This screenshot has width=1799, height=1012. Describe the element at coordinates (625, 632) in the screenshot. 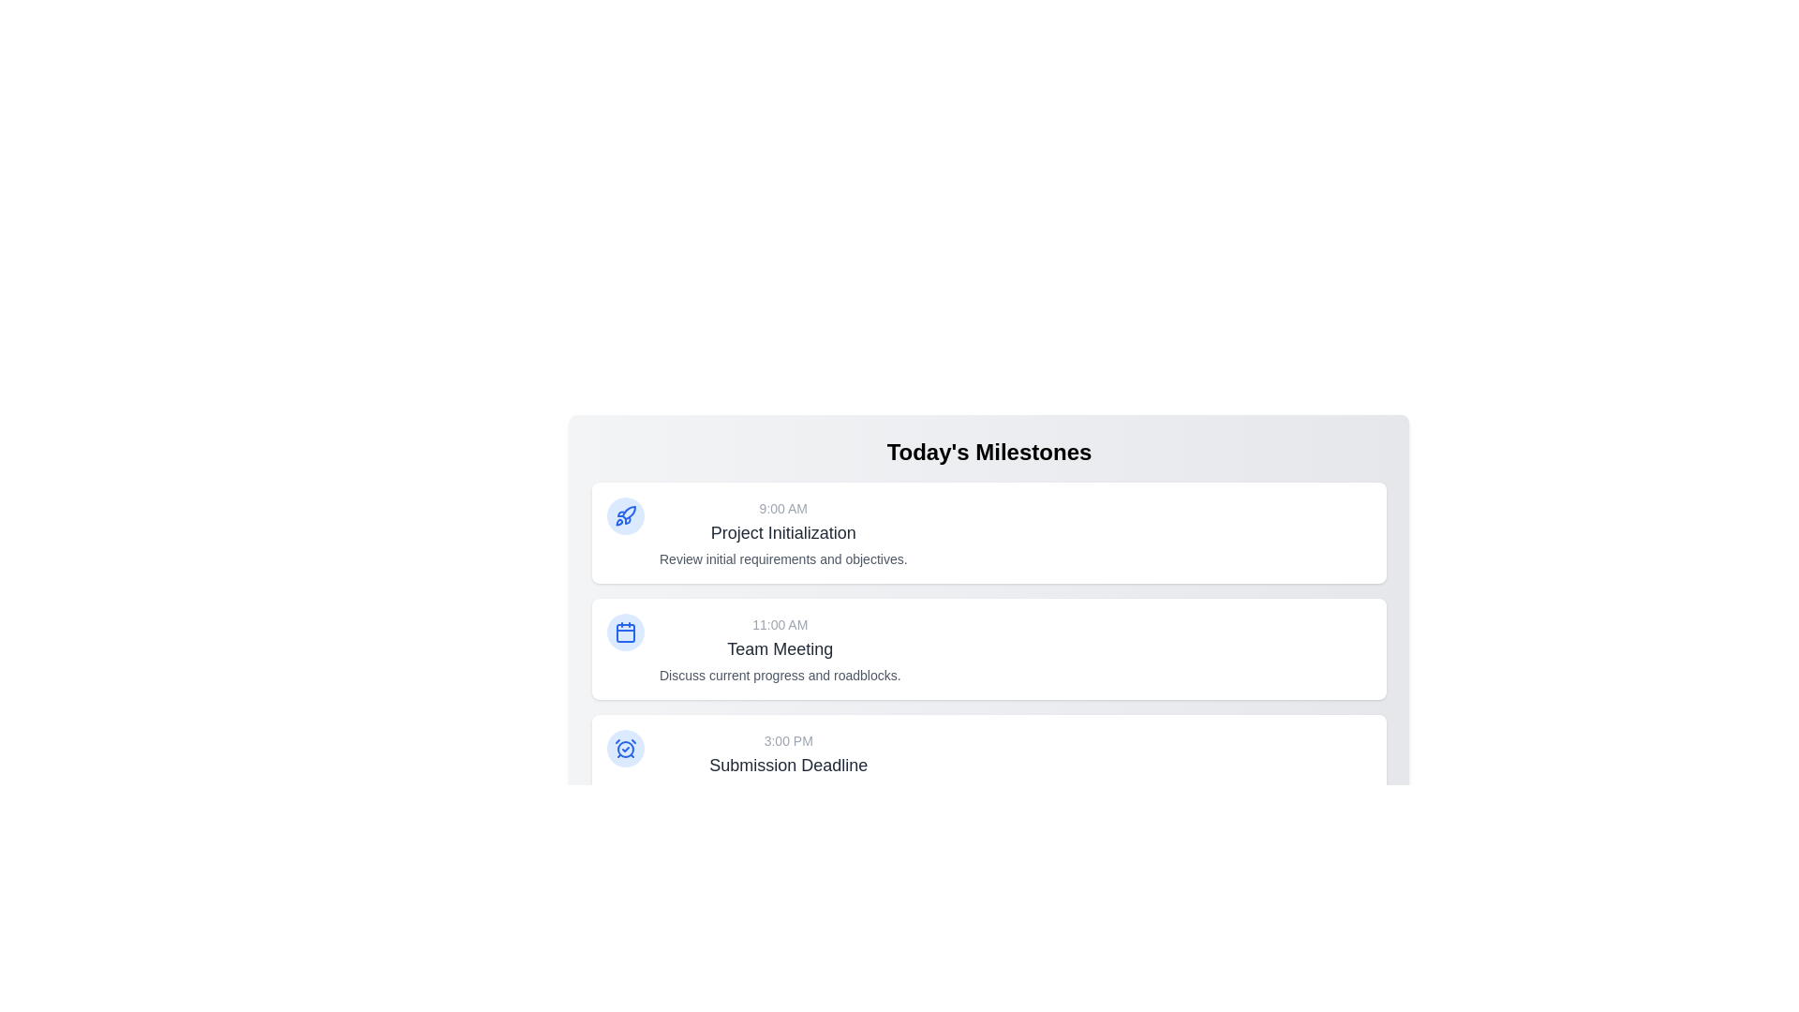

I see `the circular icon with a soft blue background and a calendar symbol, which is the leftmost component of the 'Team Meeting' schedule entry` at that location.